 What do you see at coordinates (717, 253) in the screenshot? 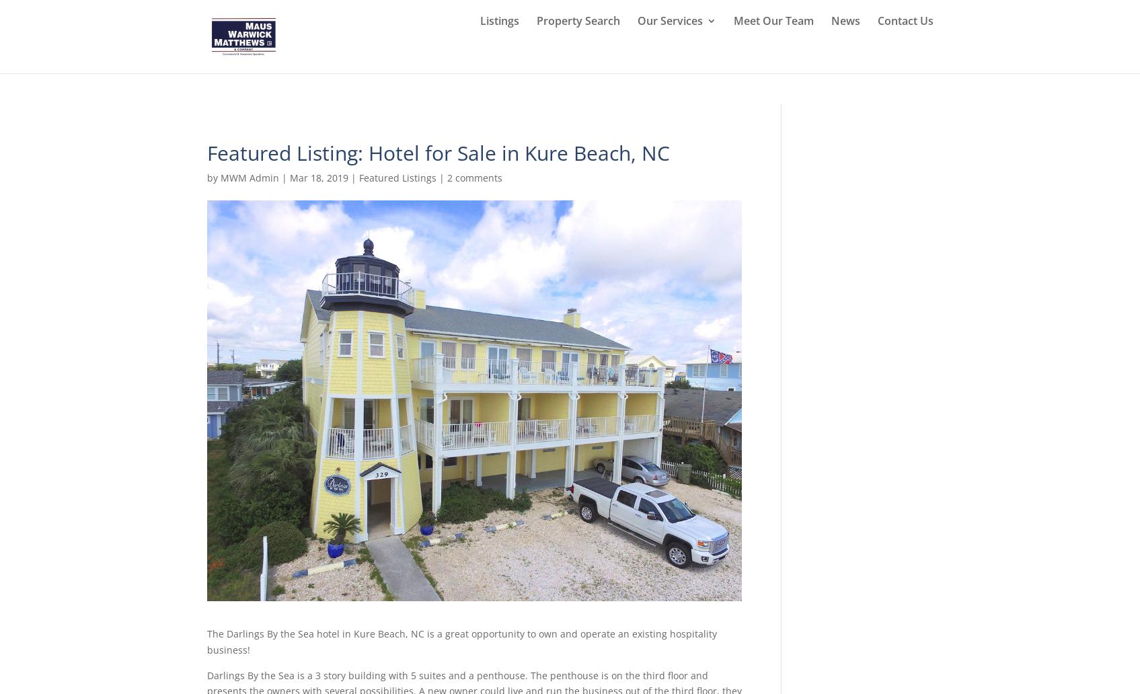
I see `'Investment Property Southeastern NC'` at bounding box center [717, 253].